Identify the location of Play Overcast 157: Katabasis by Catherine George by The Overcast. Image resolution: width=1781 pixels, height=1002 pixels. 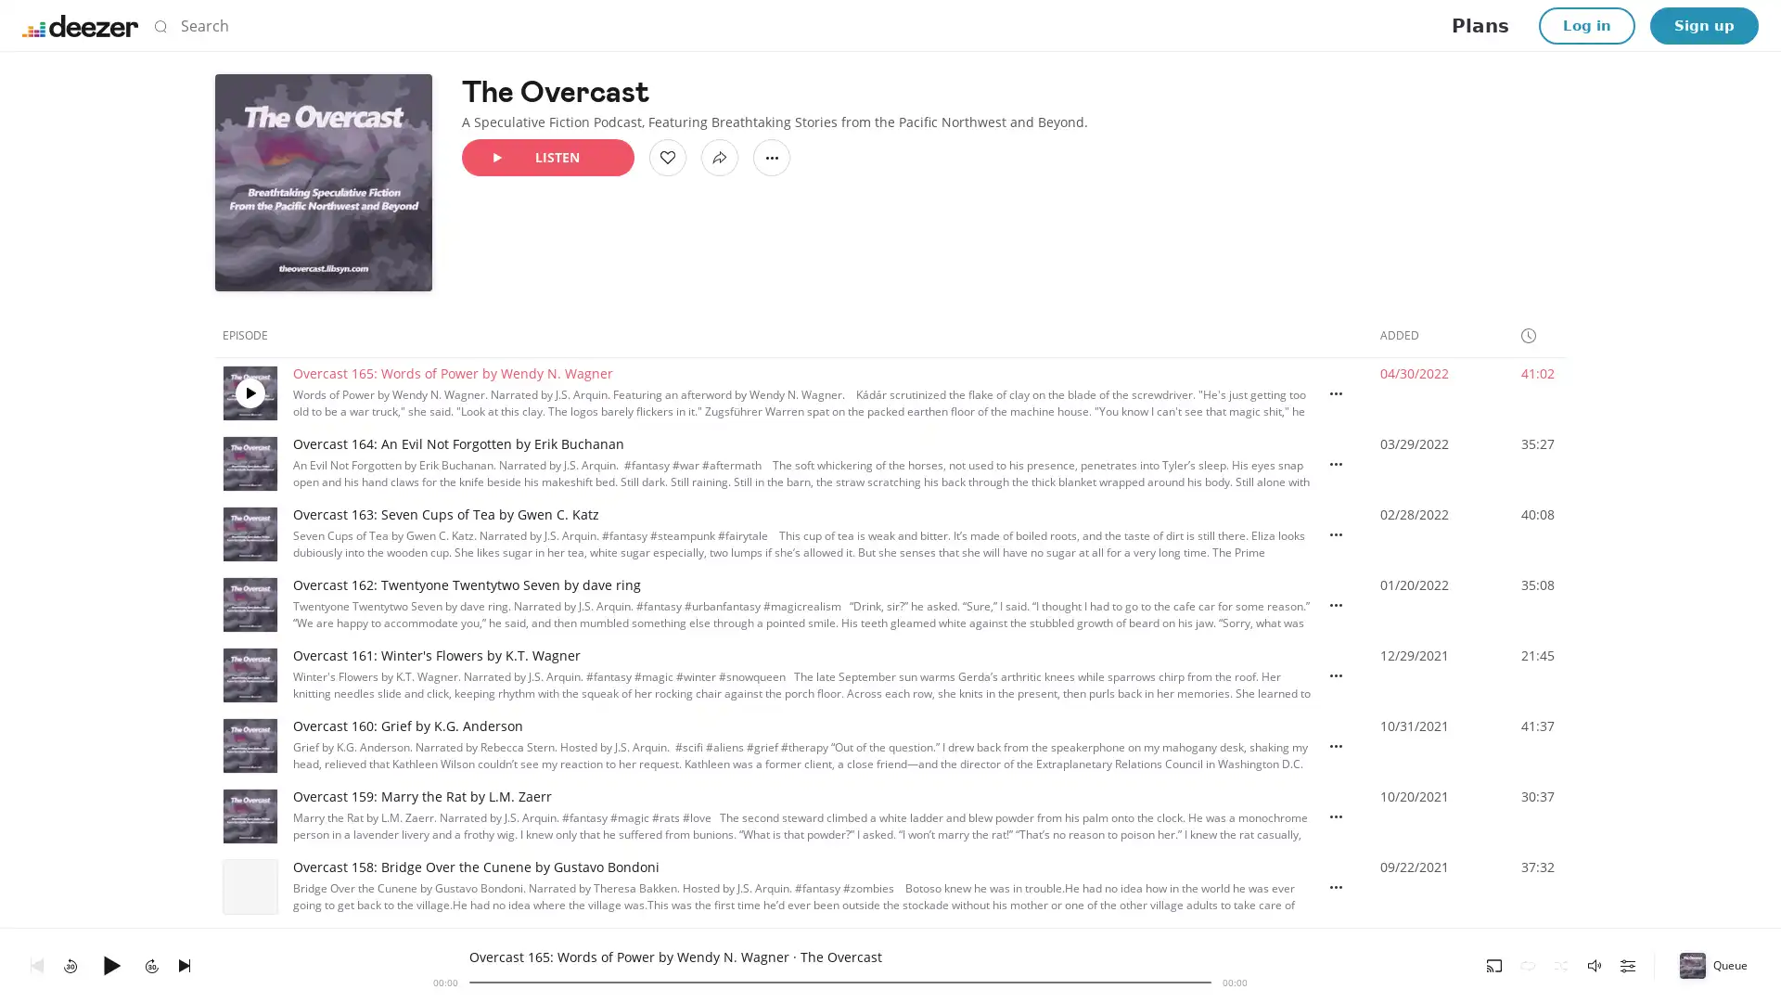
(249, 957).